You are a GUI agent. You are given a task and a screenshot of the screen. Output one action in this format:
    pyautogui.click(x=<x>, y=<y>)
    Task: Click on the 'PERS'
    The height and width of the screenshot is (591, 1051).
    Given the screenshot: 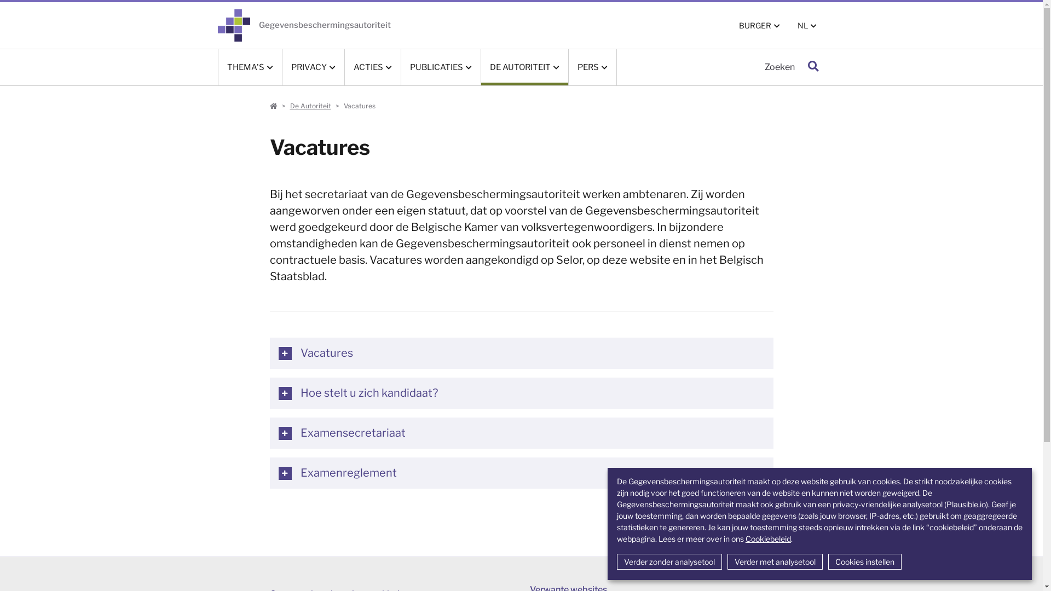 What is the action you would take?
    pyautogui.click(x=568, y=67)
    